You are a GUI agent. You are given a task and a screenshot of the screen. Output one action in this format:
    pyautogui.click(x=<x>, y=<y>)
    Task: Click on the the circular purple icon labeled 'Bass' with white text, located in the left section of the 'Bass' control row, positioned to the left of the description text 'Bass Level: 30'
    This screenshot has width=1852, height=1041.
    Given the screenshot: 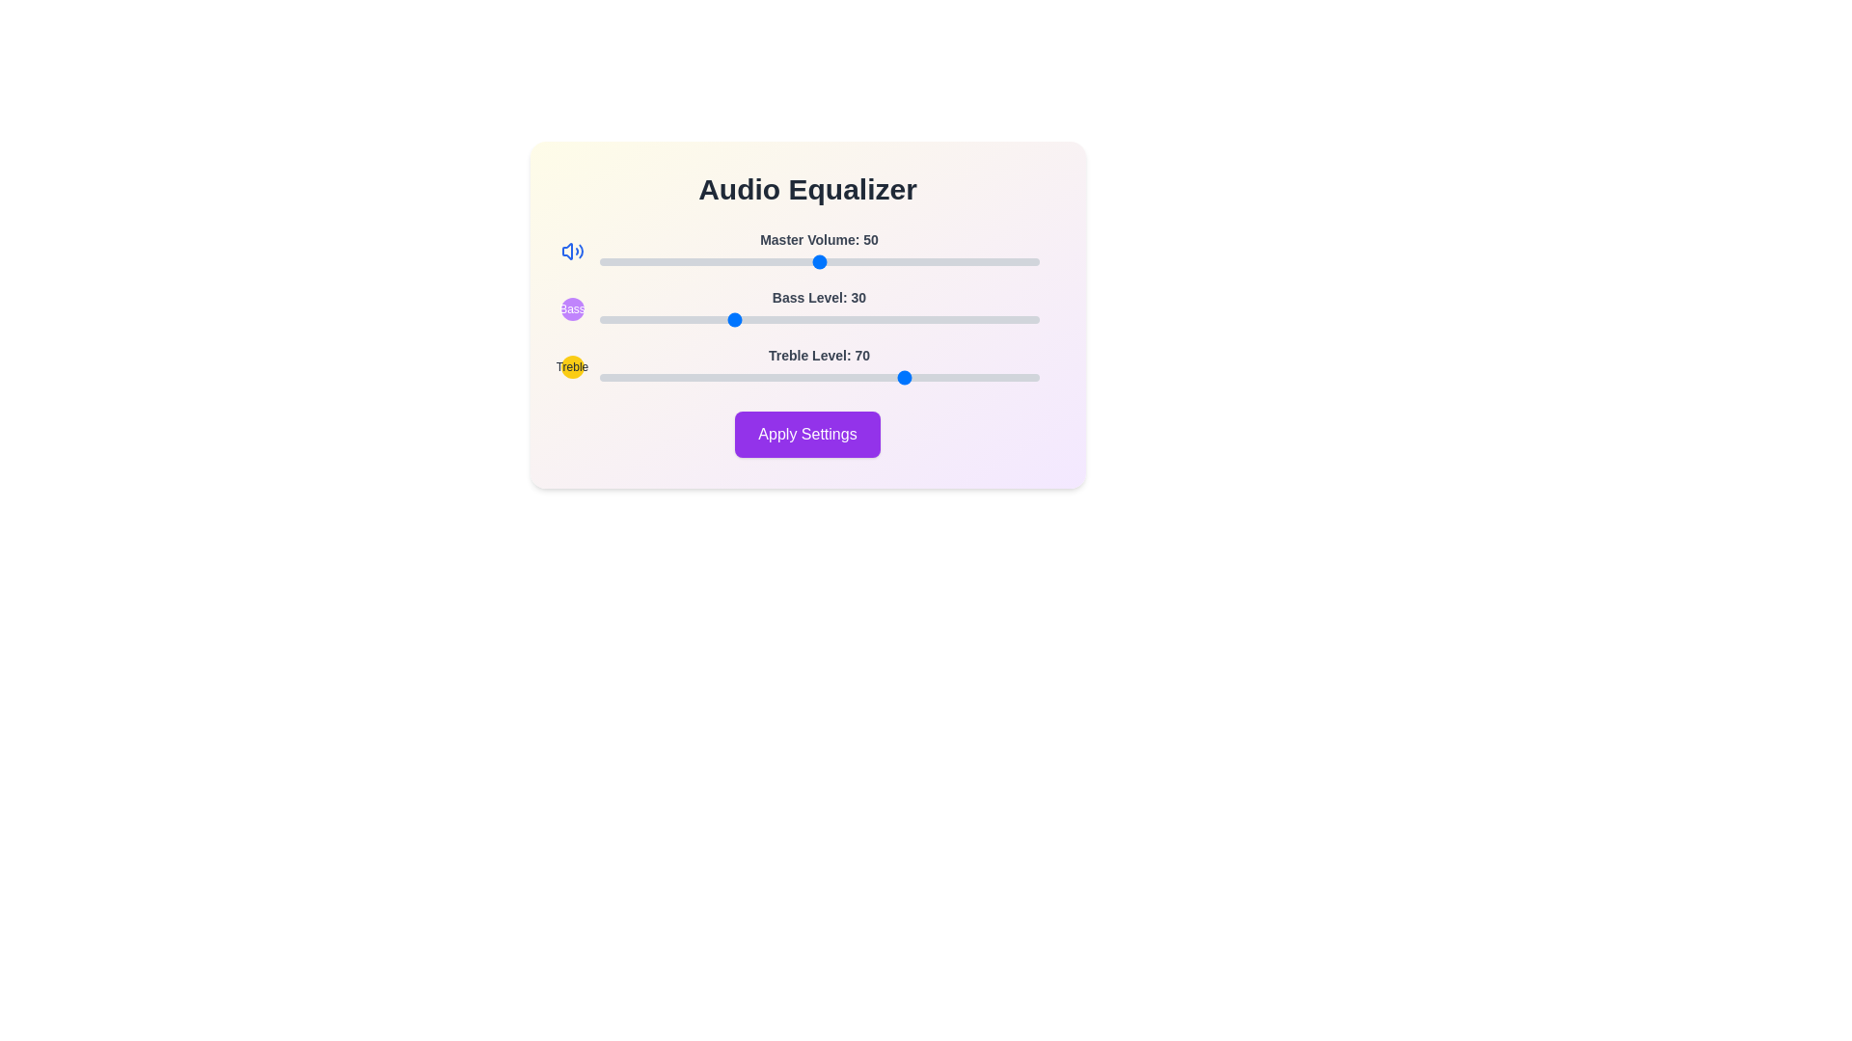 What is the action you would take?
    pyautogui.click(x=571, y=307)
    